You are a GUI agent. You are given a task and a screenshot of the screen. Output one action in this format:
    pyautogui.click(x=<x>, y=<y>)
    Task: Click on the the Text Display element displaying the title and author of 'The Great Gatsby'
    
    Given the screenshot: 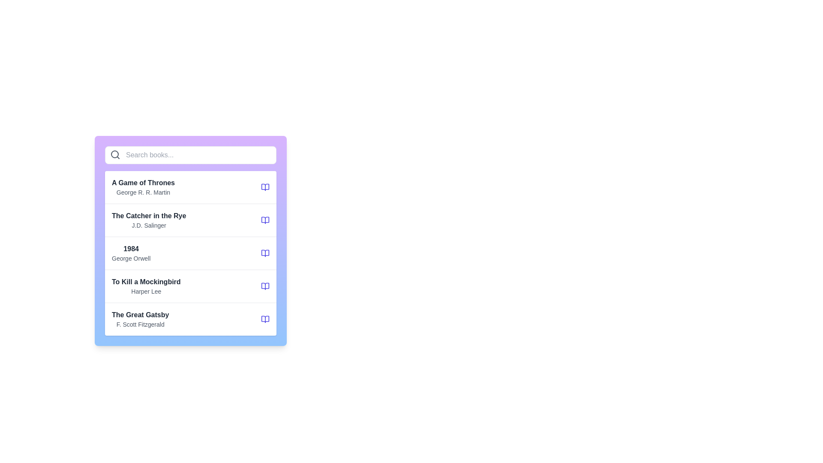 What is the action you would take?
    pyautogui.click(x=140, y=319)
    